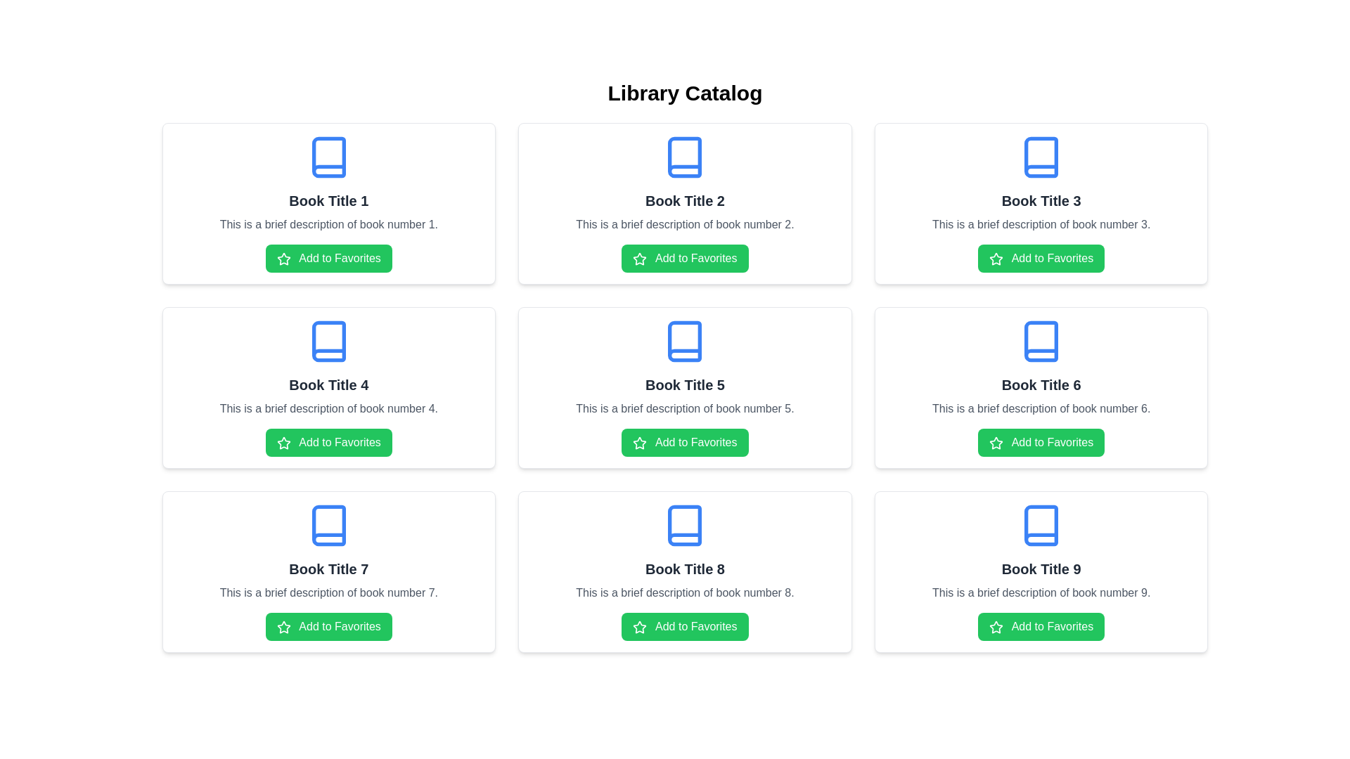 The image size is (1350, 759). Describe the element at coordinates (685, 526) in the screenshot. I see `graphical vector component of the blue book icon associated with 'Book Title 8' in the browser developer tools` at that location.